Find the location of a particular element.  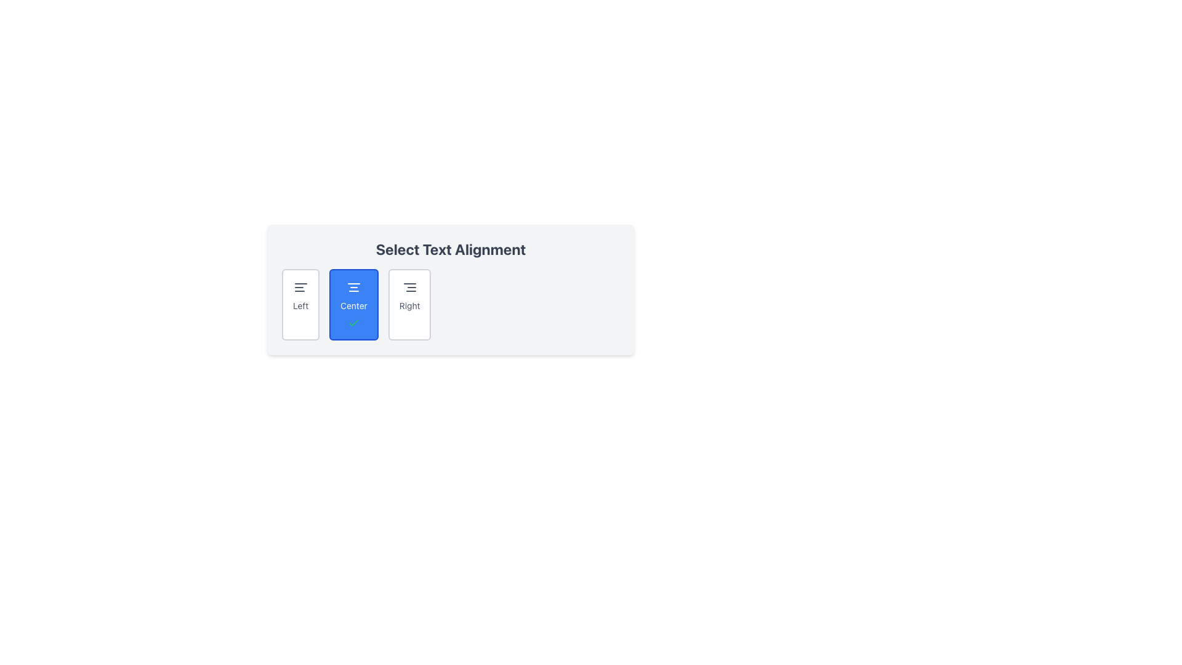

the button labeled 'Right', which is the third card in a row of three, to trigger a visual response is located at coordinates (409, 304).